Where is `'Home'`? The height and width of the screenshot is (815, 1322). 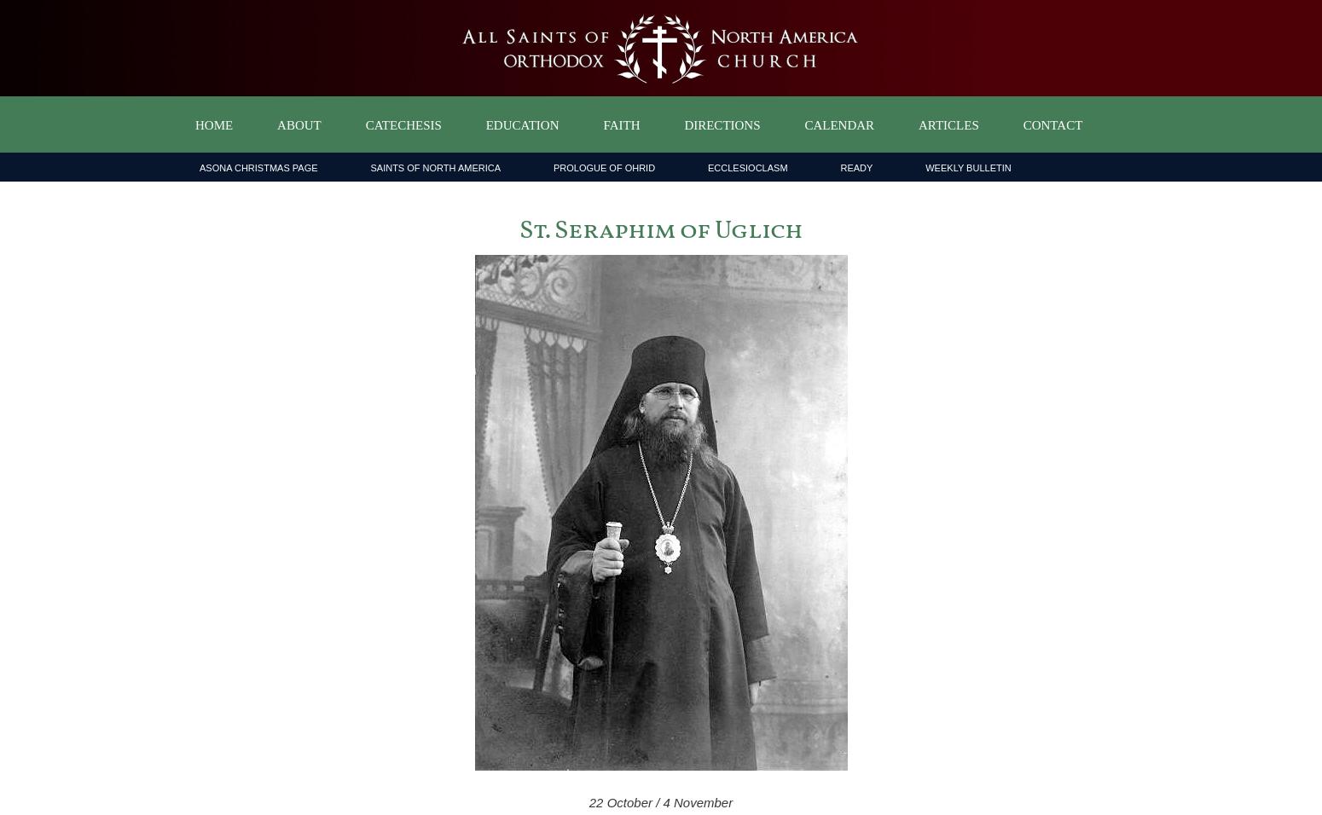 'Home' is located at coordinates (213, 125).